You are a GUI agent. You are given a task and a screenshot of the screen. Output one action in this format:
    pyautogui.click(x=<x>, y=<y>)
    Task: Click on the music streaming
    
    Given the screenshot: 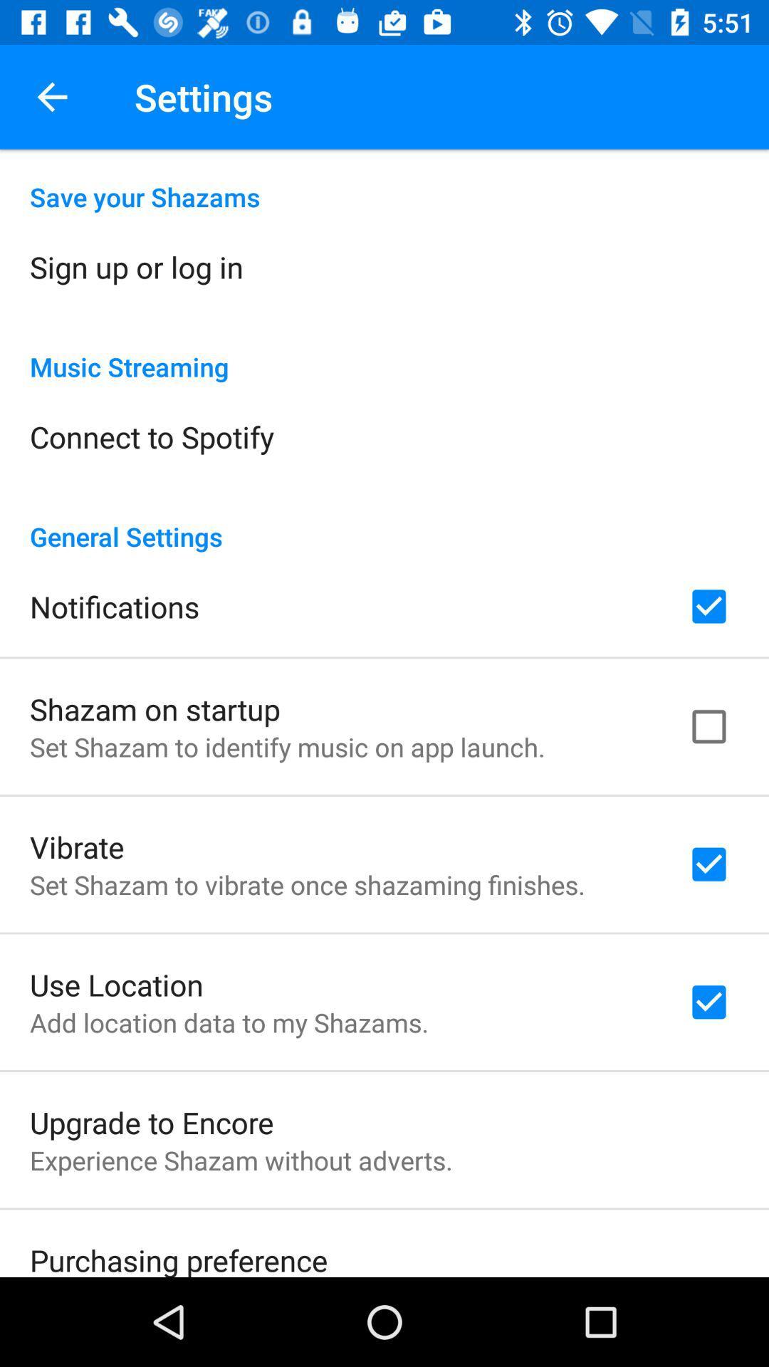 What is the action you would take?
    pyautogui.click(x=384, y=352)
    